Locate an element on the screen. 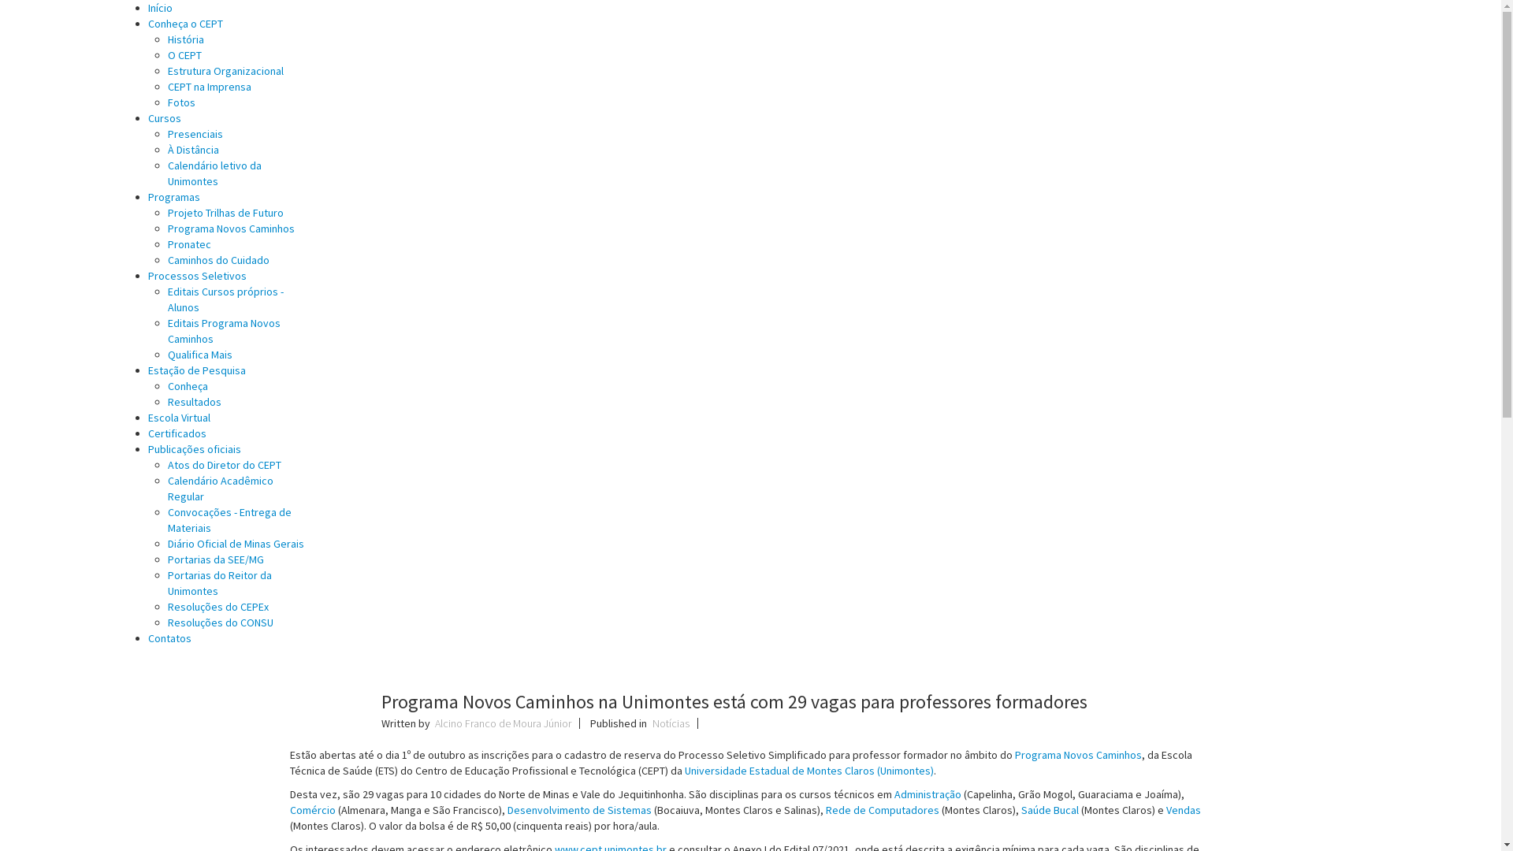 The image size is (1513, 851). 'Projeto Trilhas de Futuro' is located at coordinates (225, 213).